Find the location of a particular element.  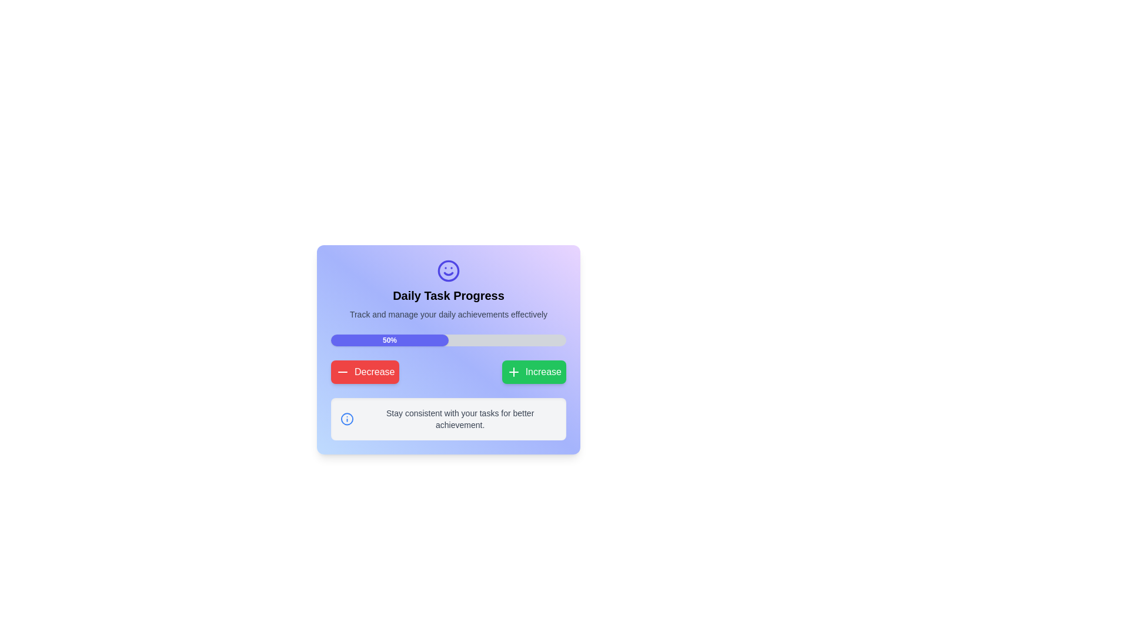

the circular smiley face icon with a blue outline located above the 'Daily Task Progress' title is located at coordinates (448, 271).